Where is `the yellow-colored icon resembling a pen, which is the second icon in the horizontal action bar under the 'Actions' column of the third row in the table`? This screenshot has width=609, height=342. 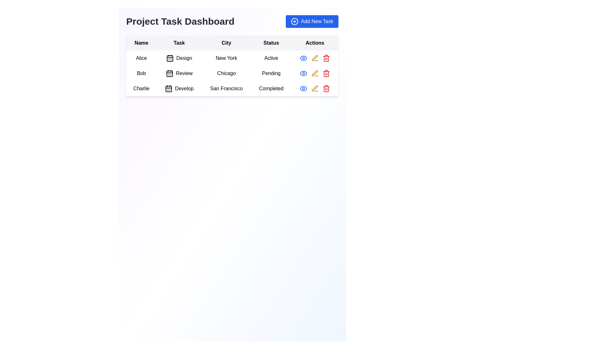 the yellow-colored icon resembling a pen, which is the second icon in the horizontal action bar under the 'Actions' column of the third row in the table is located at coordinates (315, 58).